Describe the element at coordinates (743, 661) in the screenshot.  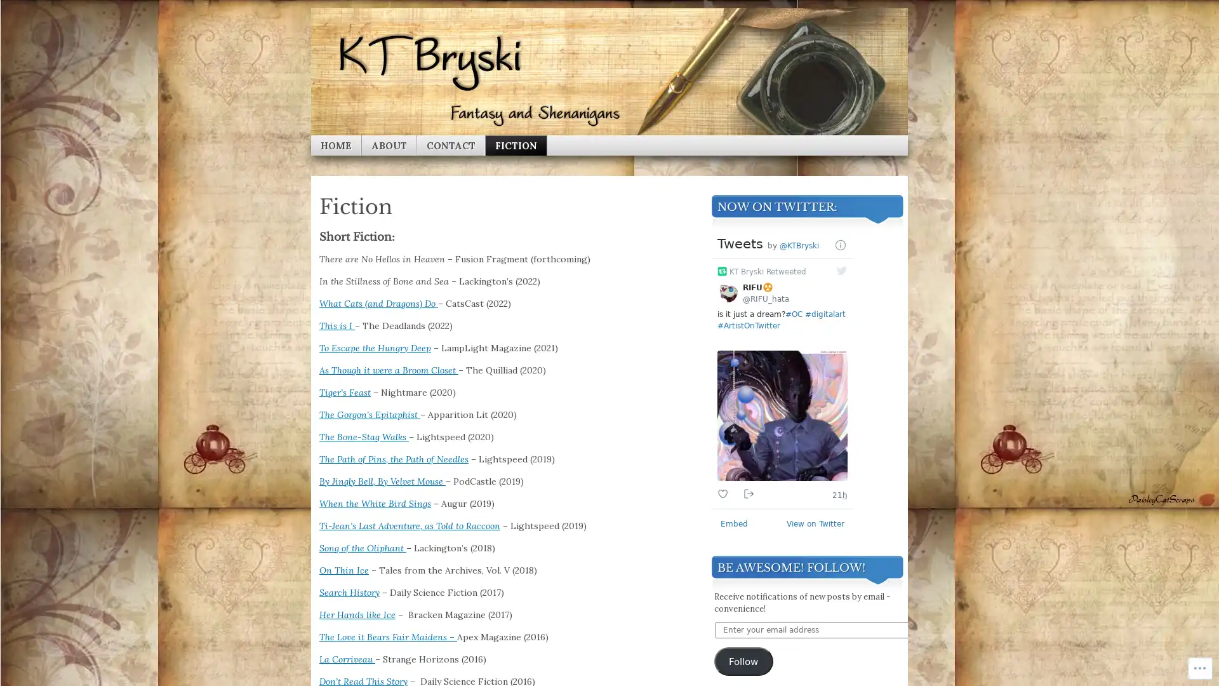
I see `Follow` at that location.